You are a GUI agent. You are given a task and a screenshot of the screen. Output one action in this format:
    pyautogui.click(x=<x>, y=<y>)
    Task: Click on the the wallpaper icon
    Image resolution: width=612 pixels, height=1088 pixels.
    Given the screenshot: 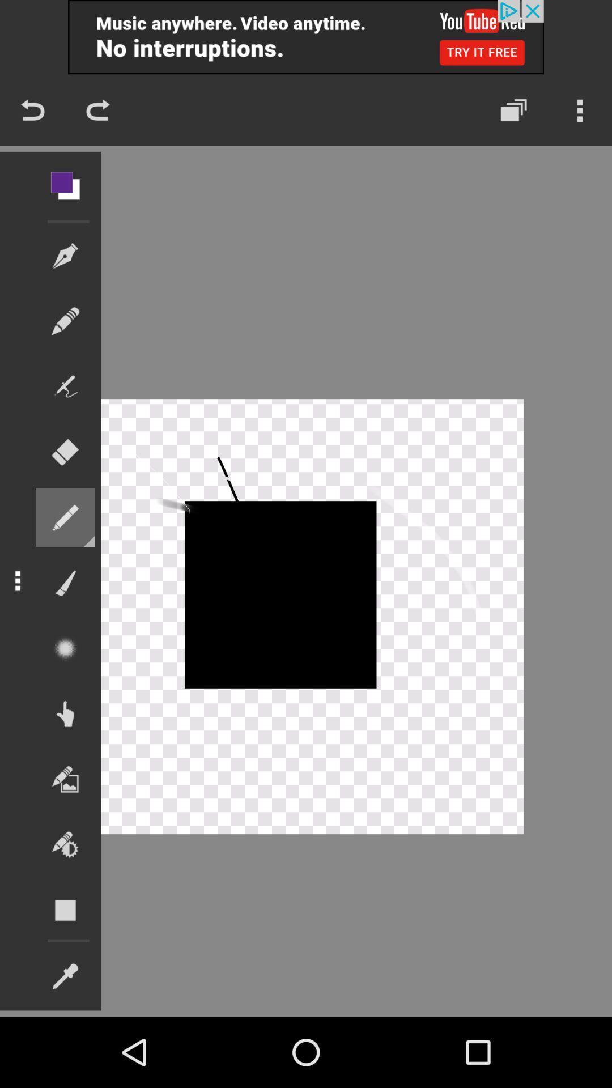 What is the action you would take?
    pyautogui.click(x=65, y=779)
    